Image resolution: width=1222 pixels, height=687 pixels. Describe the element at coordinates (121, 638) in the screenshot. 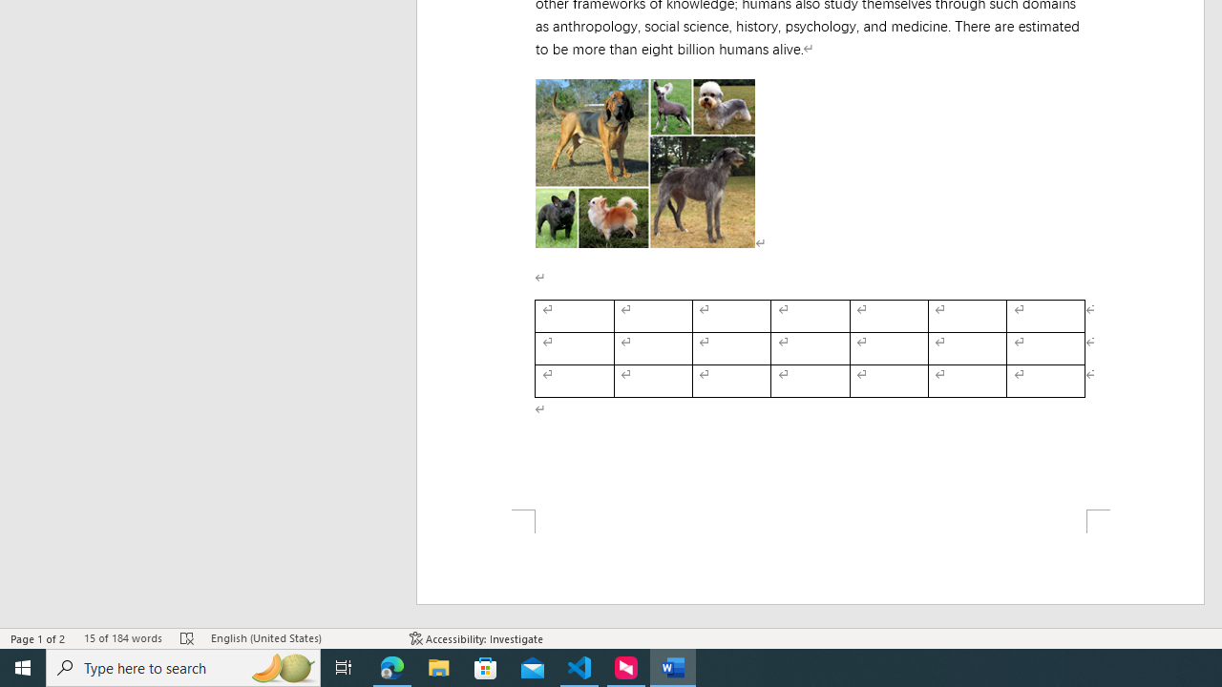

I see `'Word Count 15 of 184 words'` at that location.